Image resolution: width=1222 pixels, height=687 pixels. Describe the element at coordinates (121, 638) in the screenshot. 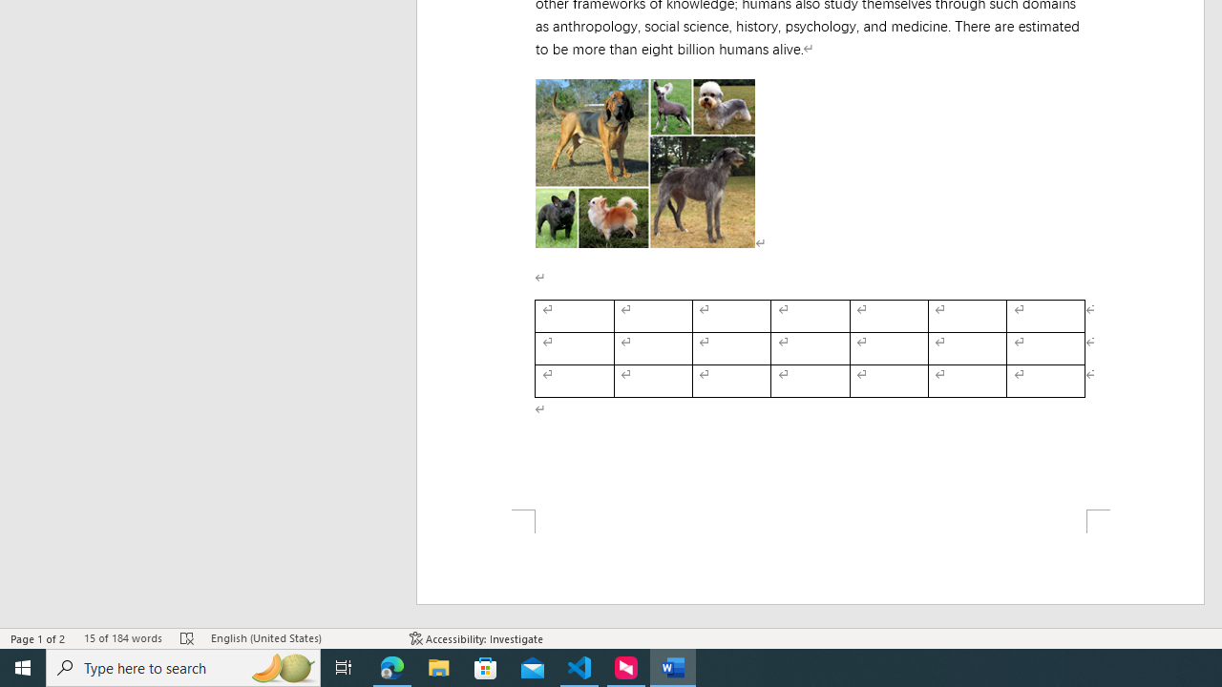

I see `'Word Count 15 of 184 words'` at that location.